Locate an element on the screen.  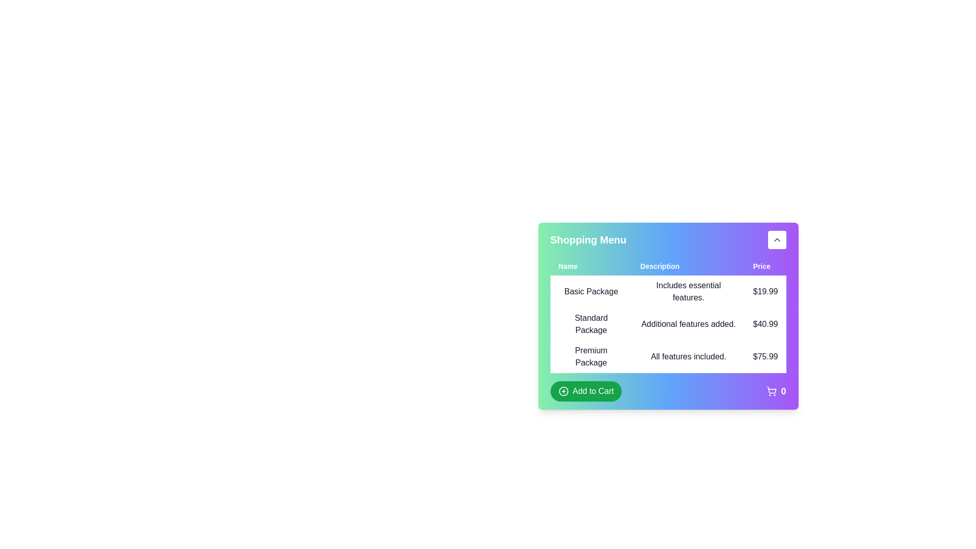
a package from the table located in the 'Shopping Menu' section, which lists available packages with their descriptions and prices is located at coordinates (668, 325).